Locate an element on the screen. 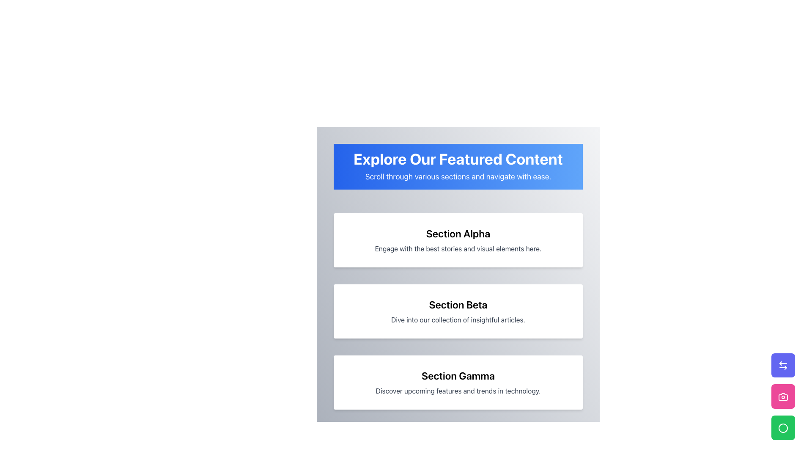 The height and width of the screenshot is (457, 812). the text label reading 'Section Gamma', which is the top textual component of the third section card, styled in bold and large-size text, horizontally centered on a white card is located at coordinates (458, 375).